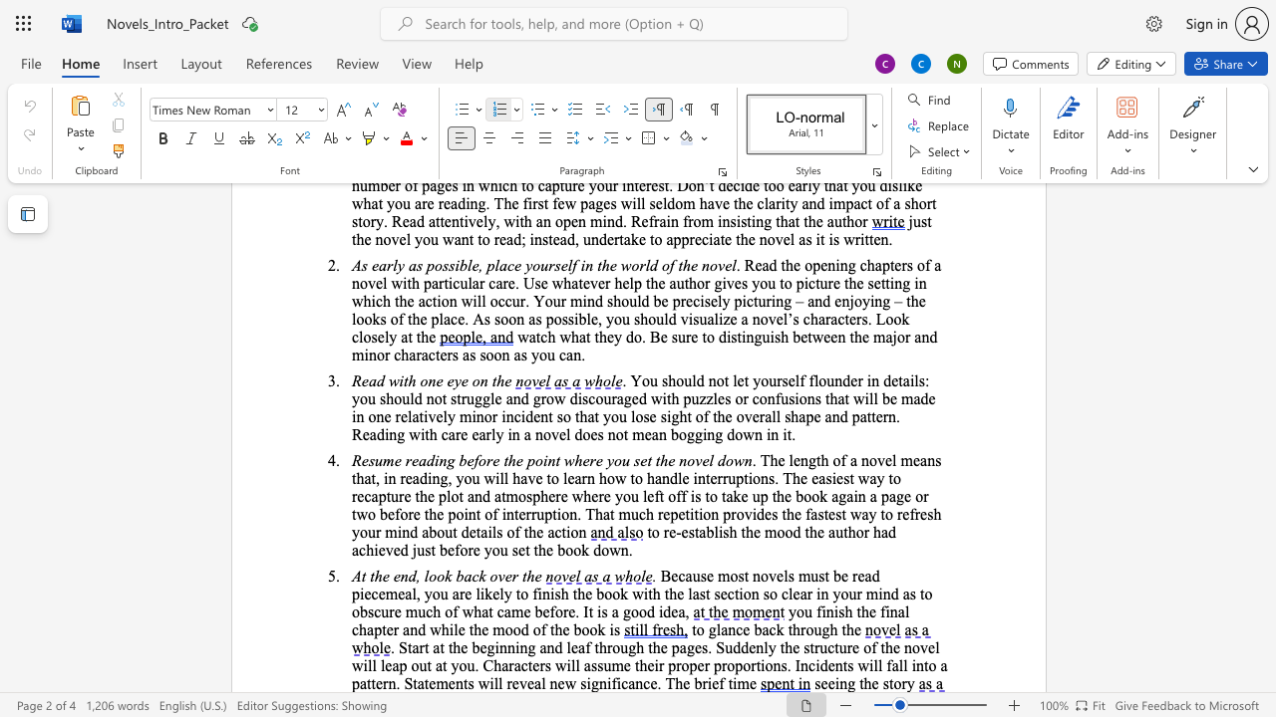 The width and height of the screenshot is (1276, 717). I want to click on the 4th character "c" in the text, so click(623, 682).